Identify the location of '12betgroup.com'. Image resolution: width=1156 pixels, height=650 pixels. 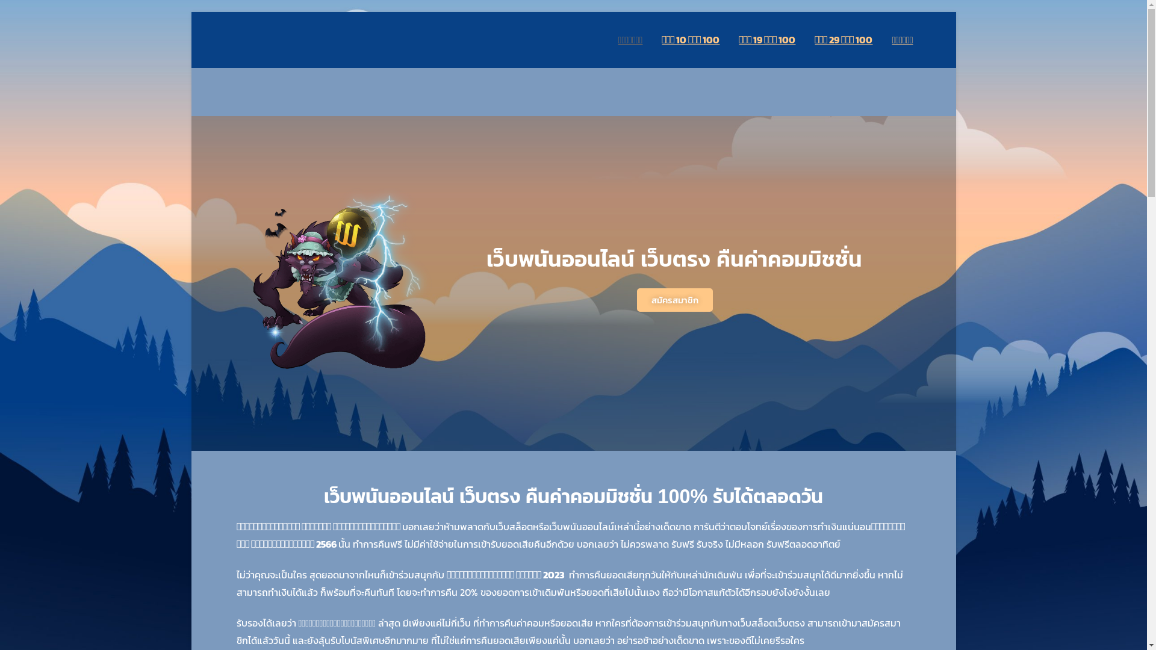
(224, 48).